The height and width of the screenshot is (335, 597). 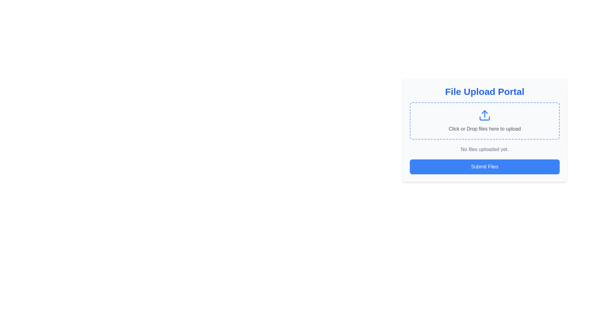 What do you see at coordinates (484, 118) in the screenshot?
I see `the Icon segment (curve of SVG element) representing the upload action, which is centrally located in the file upload interface, beneath the upward-pointing arrow and above the text 'Click or Drop files here to upload'` at bounding box center [484, 118].